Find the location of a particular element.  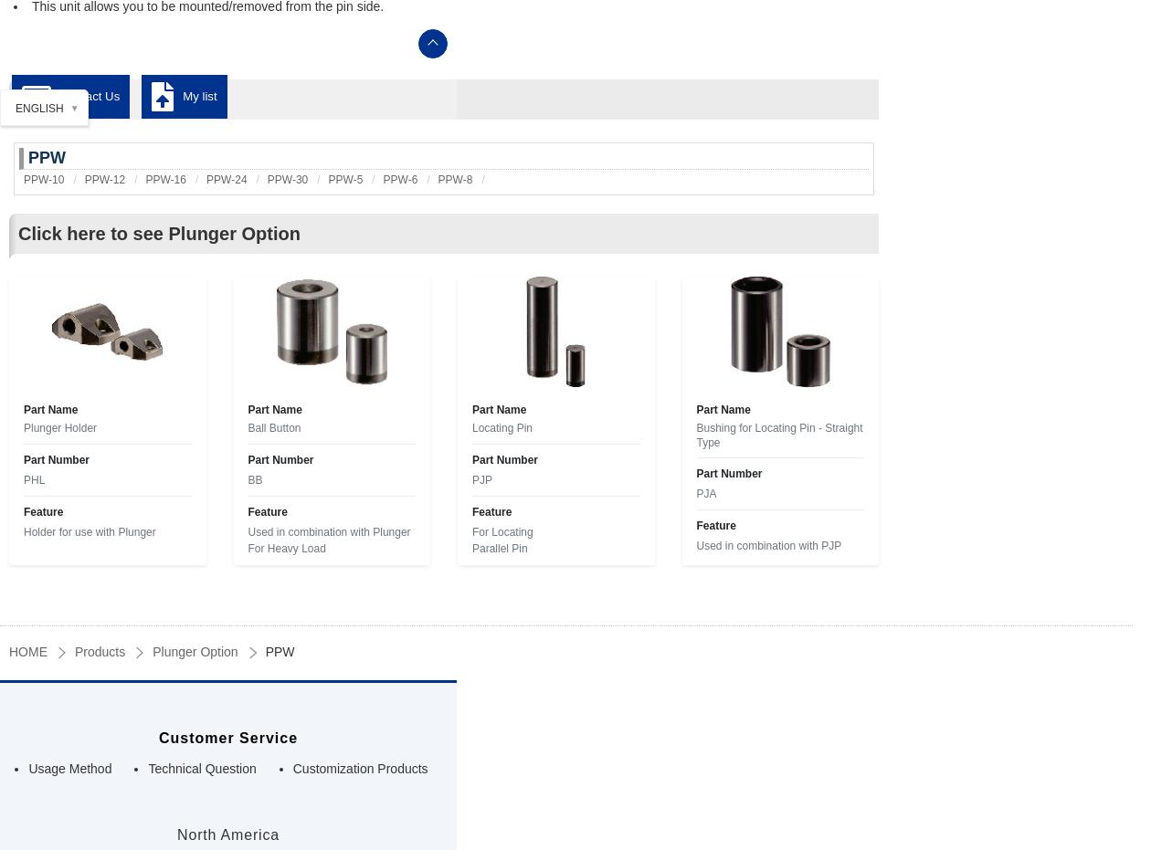

'PPW-30' is located at coordinates (287, 178).